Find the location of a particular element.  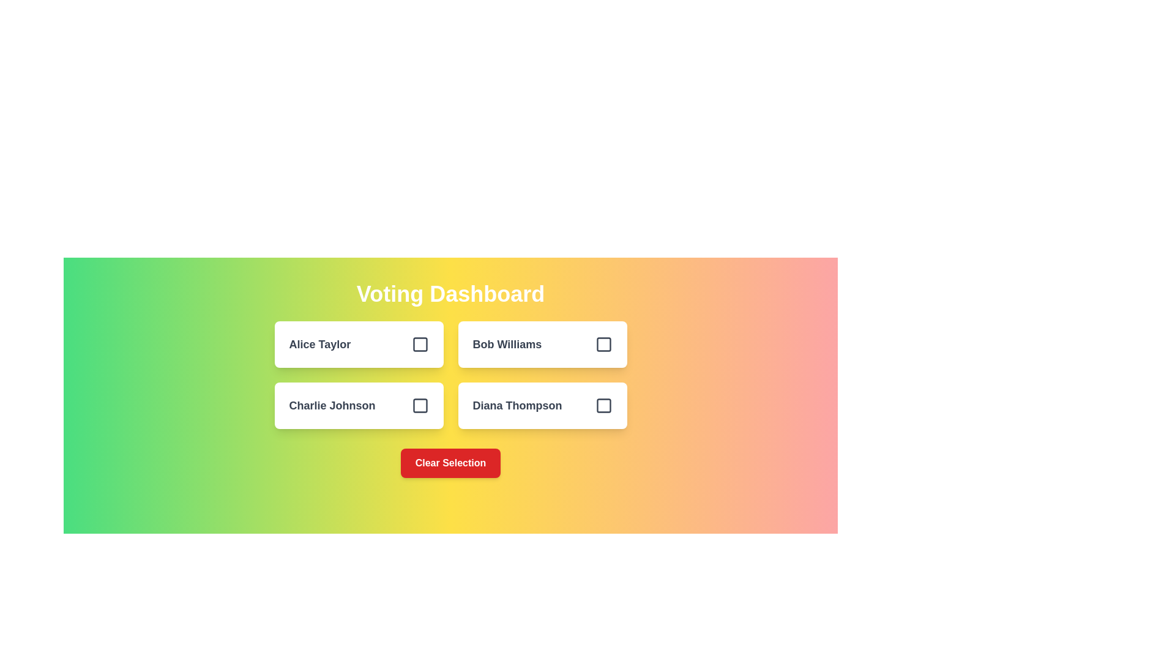

the candidate item Diana Thompson to observe the hover effect is located at coordinates (542, 406).